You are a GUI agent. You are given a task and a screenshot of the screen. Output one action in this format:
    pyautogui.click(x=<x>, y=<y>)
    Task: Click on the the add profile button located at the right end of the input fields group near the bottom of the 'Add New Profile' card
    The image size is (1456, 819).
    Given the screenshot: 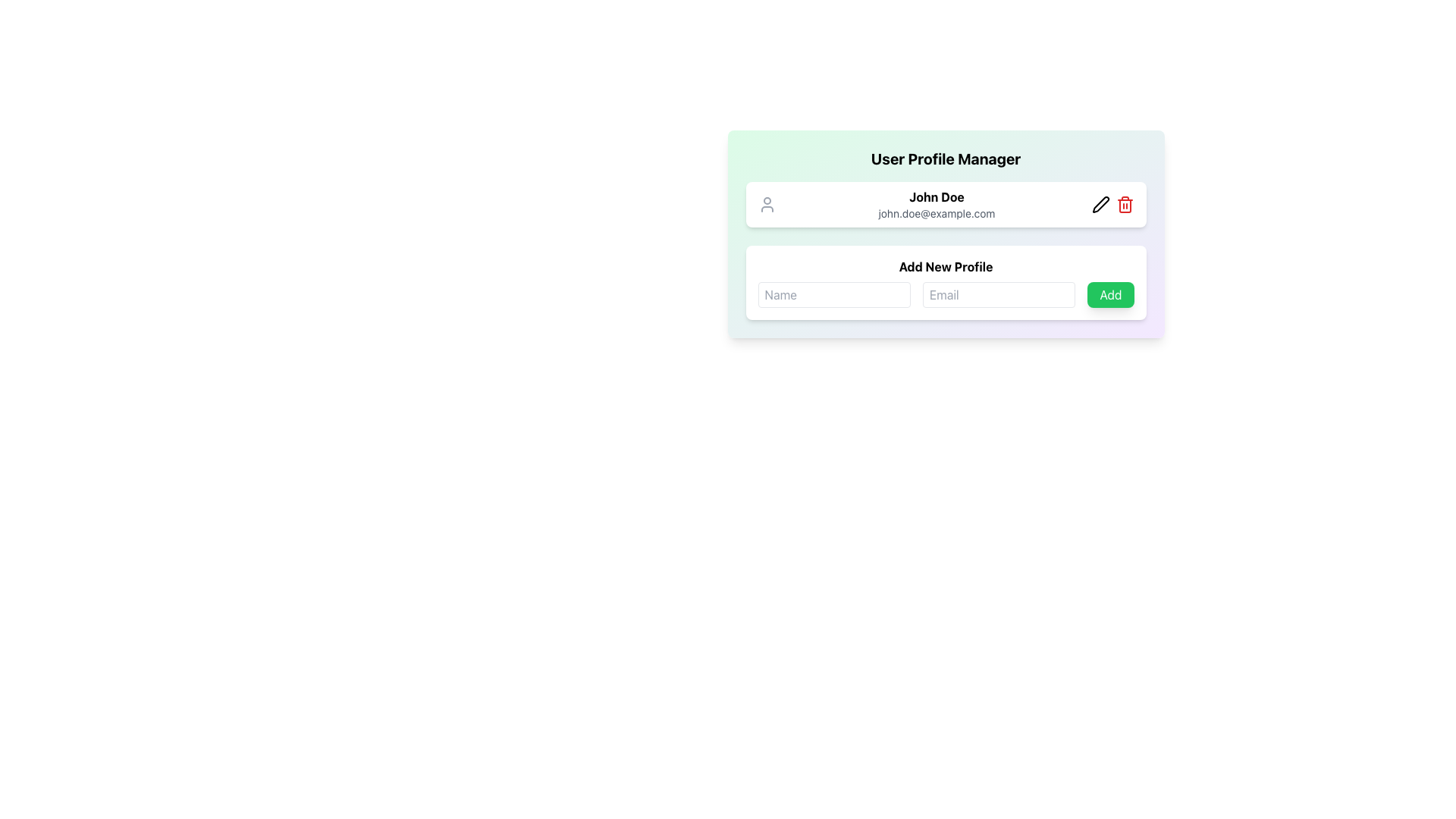 What is the action you would take?
    pyautogui.click(x=1110, y=295)
    